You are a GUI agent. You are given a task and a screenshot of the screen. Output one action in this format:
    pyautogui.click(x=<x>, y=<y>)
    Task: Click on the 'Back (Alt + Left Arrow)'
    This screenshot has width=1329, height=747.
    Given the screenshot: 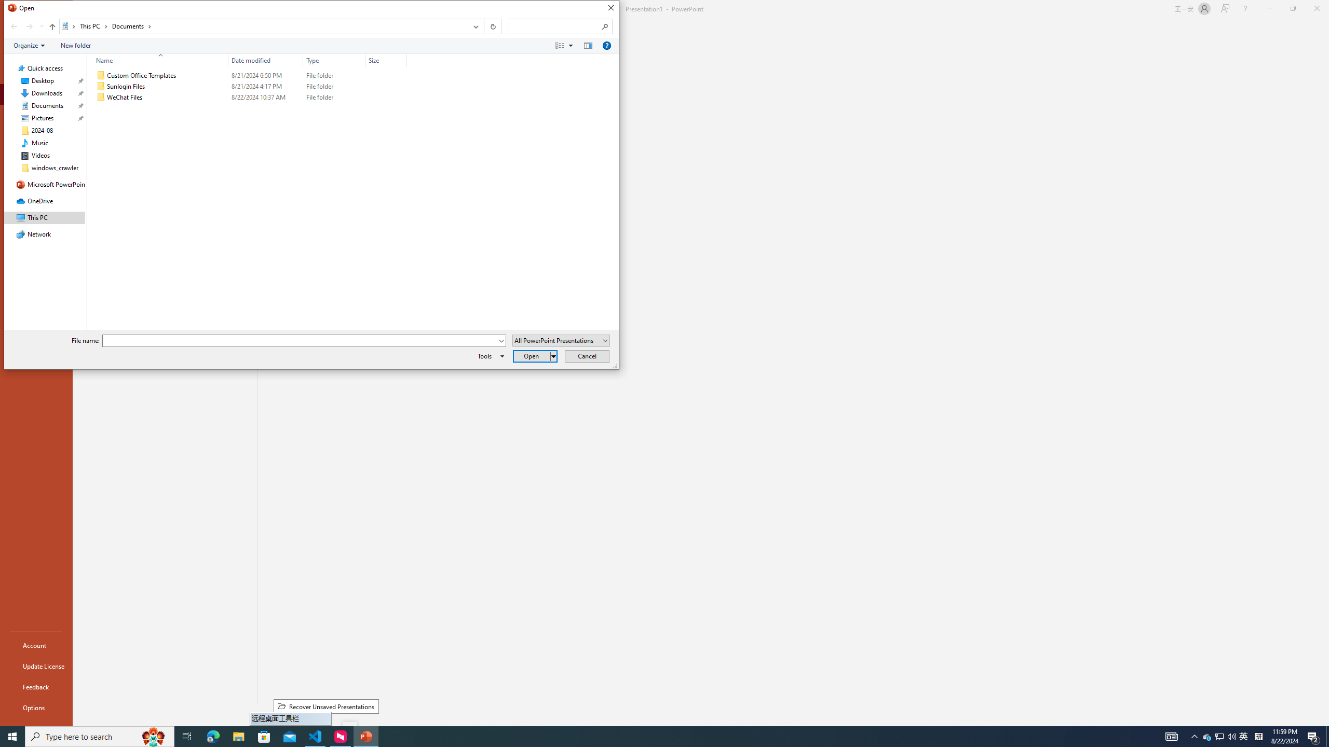 What is the action you would take?
    pyautogui.click(x=13, y=26)
    